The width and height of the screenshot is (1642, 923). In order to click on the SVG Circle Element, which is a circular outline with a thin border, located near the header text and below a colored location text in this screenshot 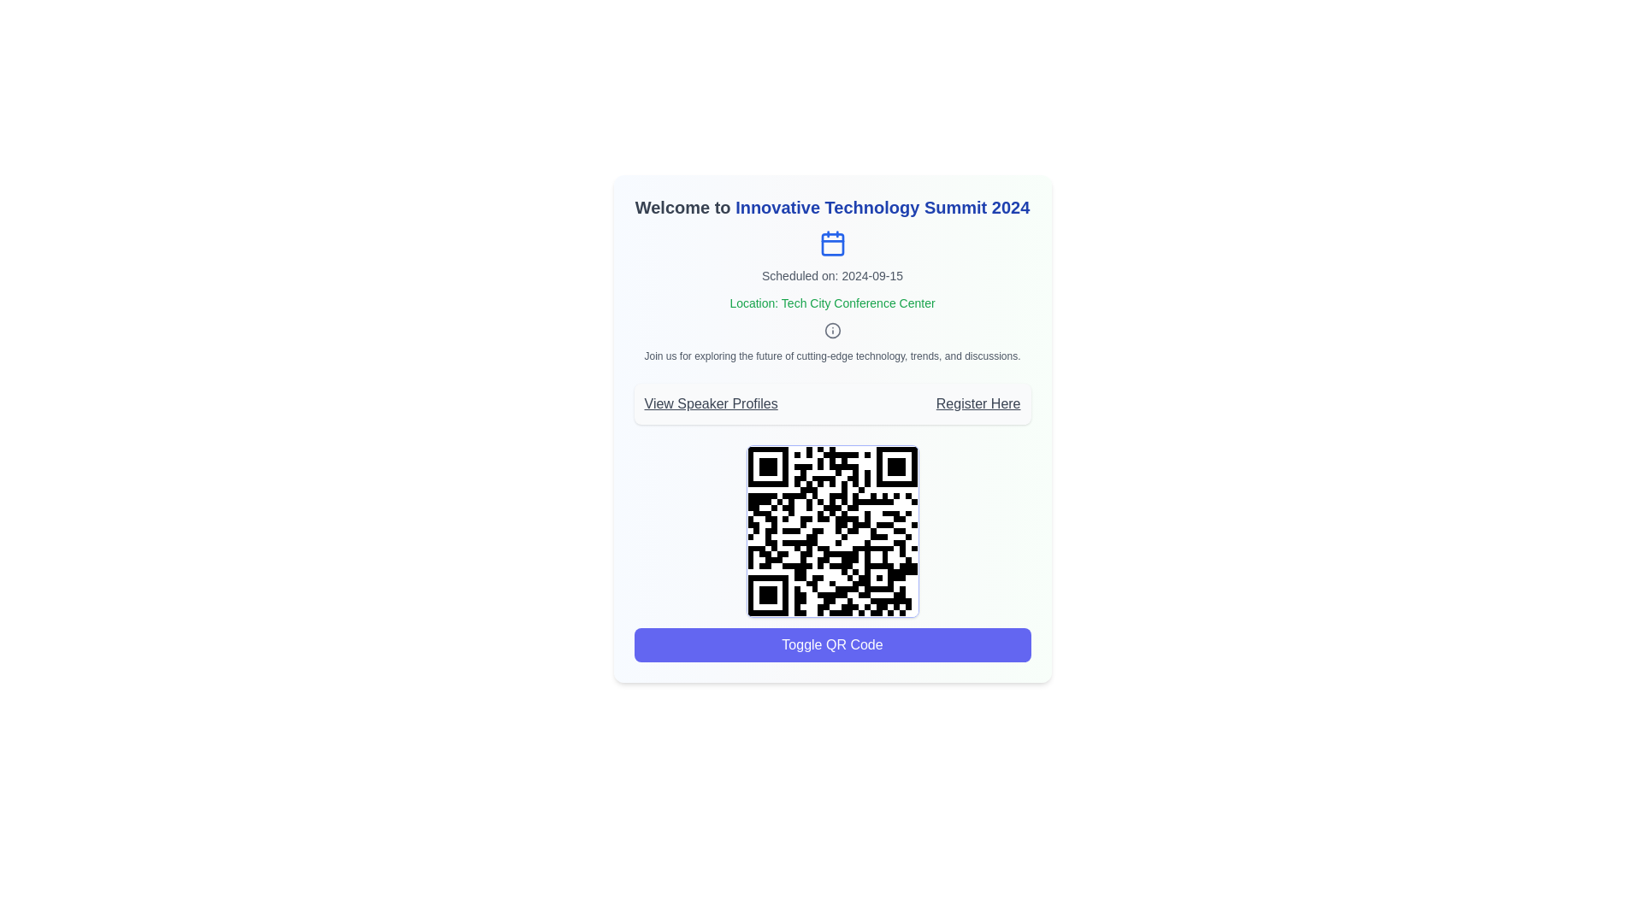, I will do `click(832, 330)`.